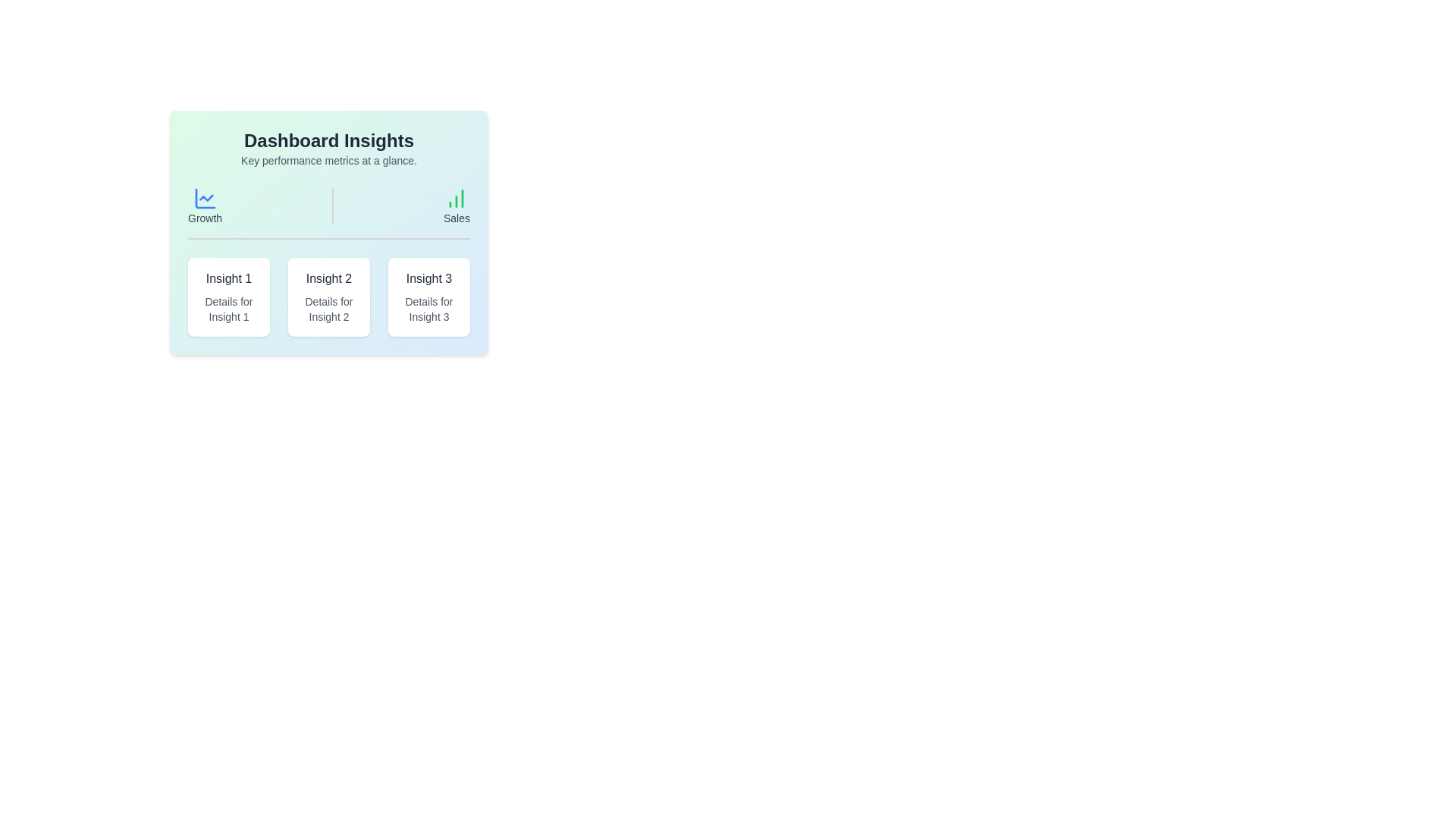  Describe the element at coordinates (328, 161) in the screenshot. I see `informative subtitle text that provides context about the dashboard content, positioned below the title 'Dashboard Insights'` at that location.